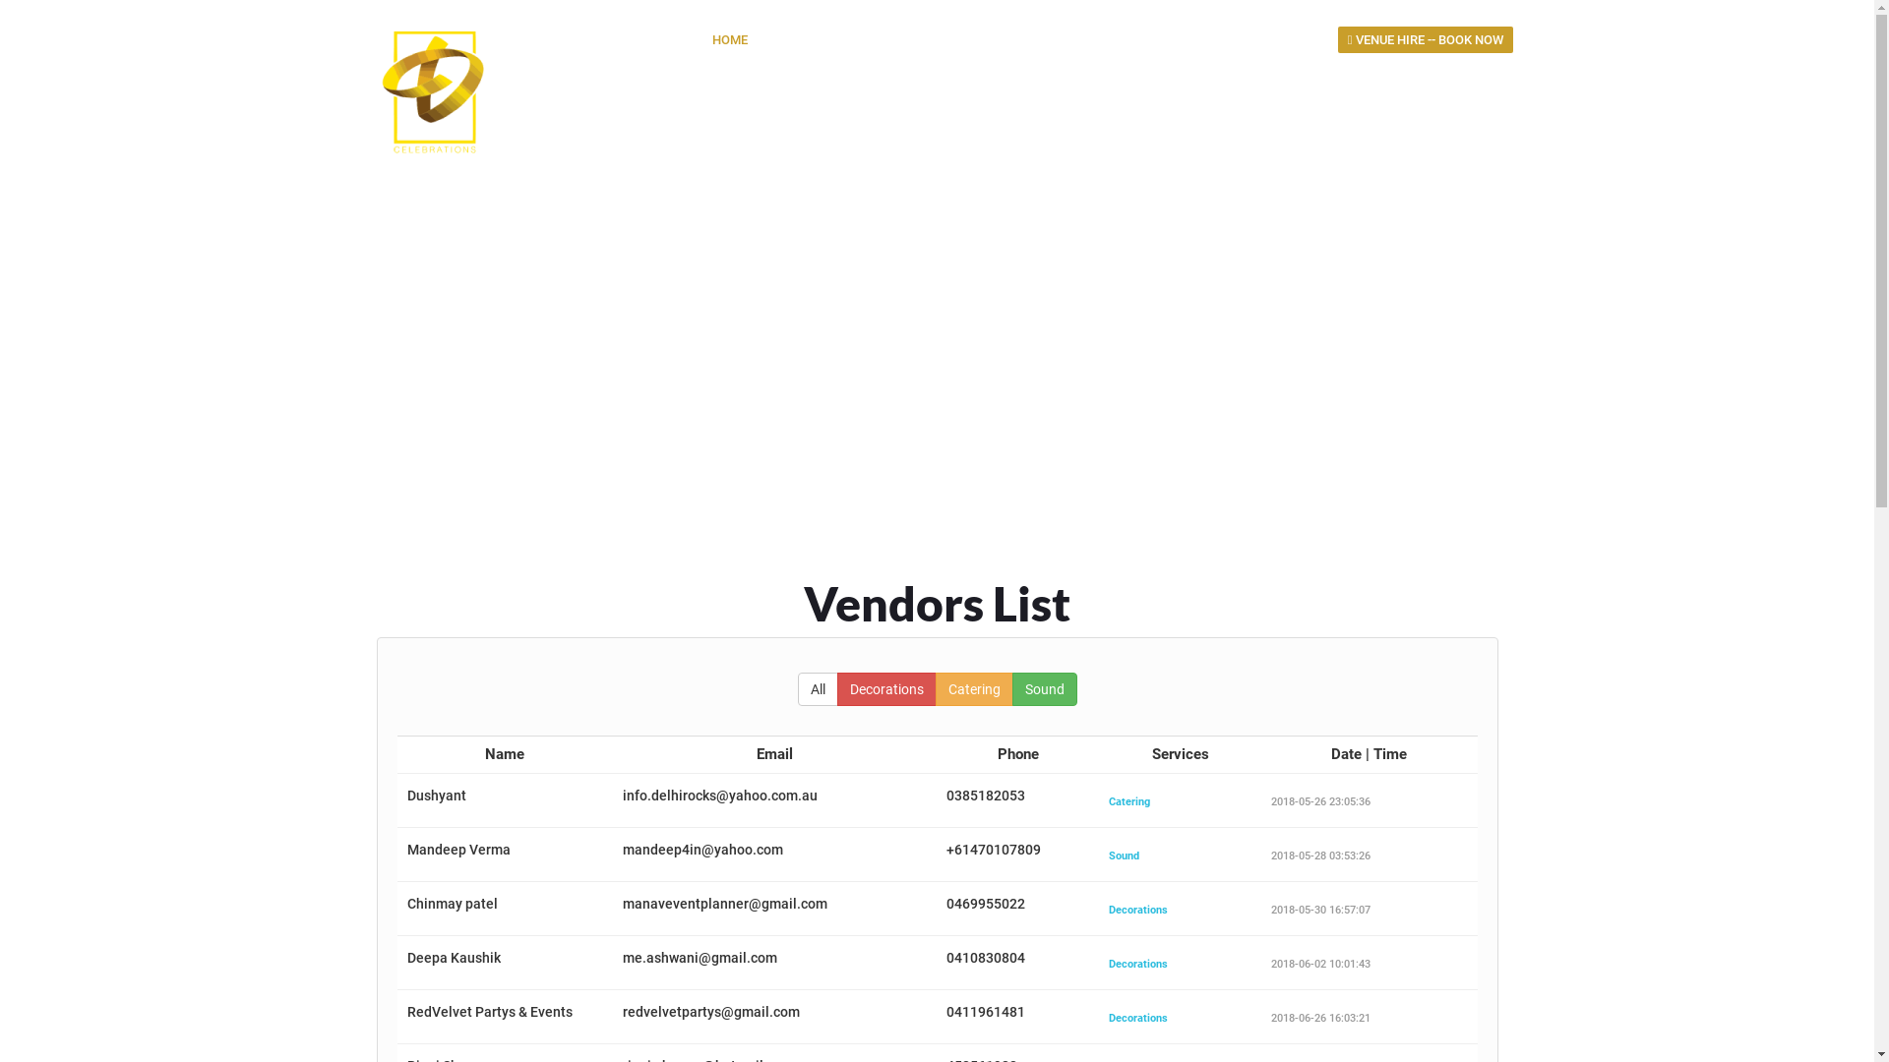  What do you see at coordinates (769, 39) in the screenshot?
I see `'ABOUT US'` at bounding box center [769, 39].